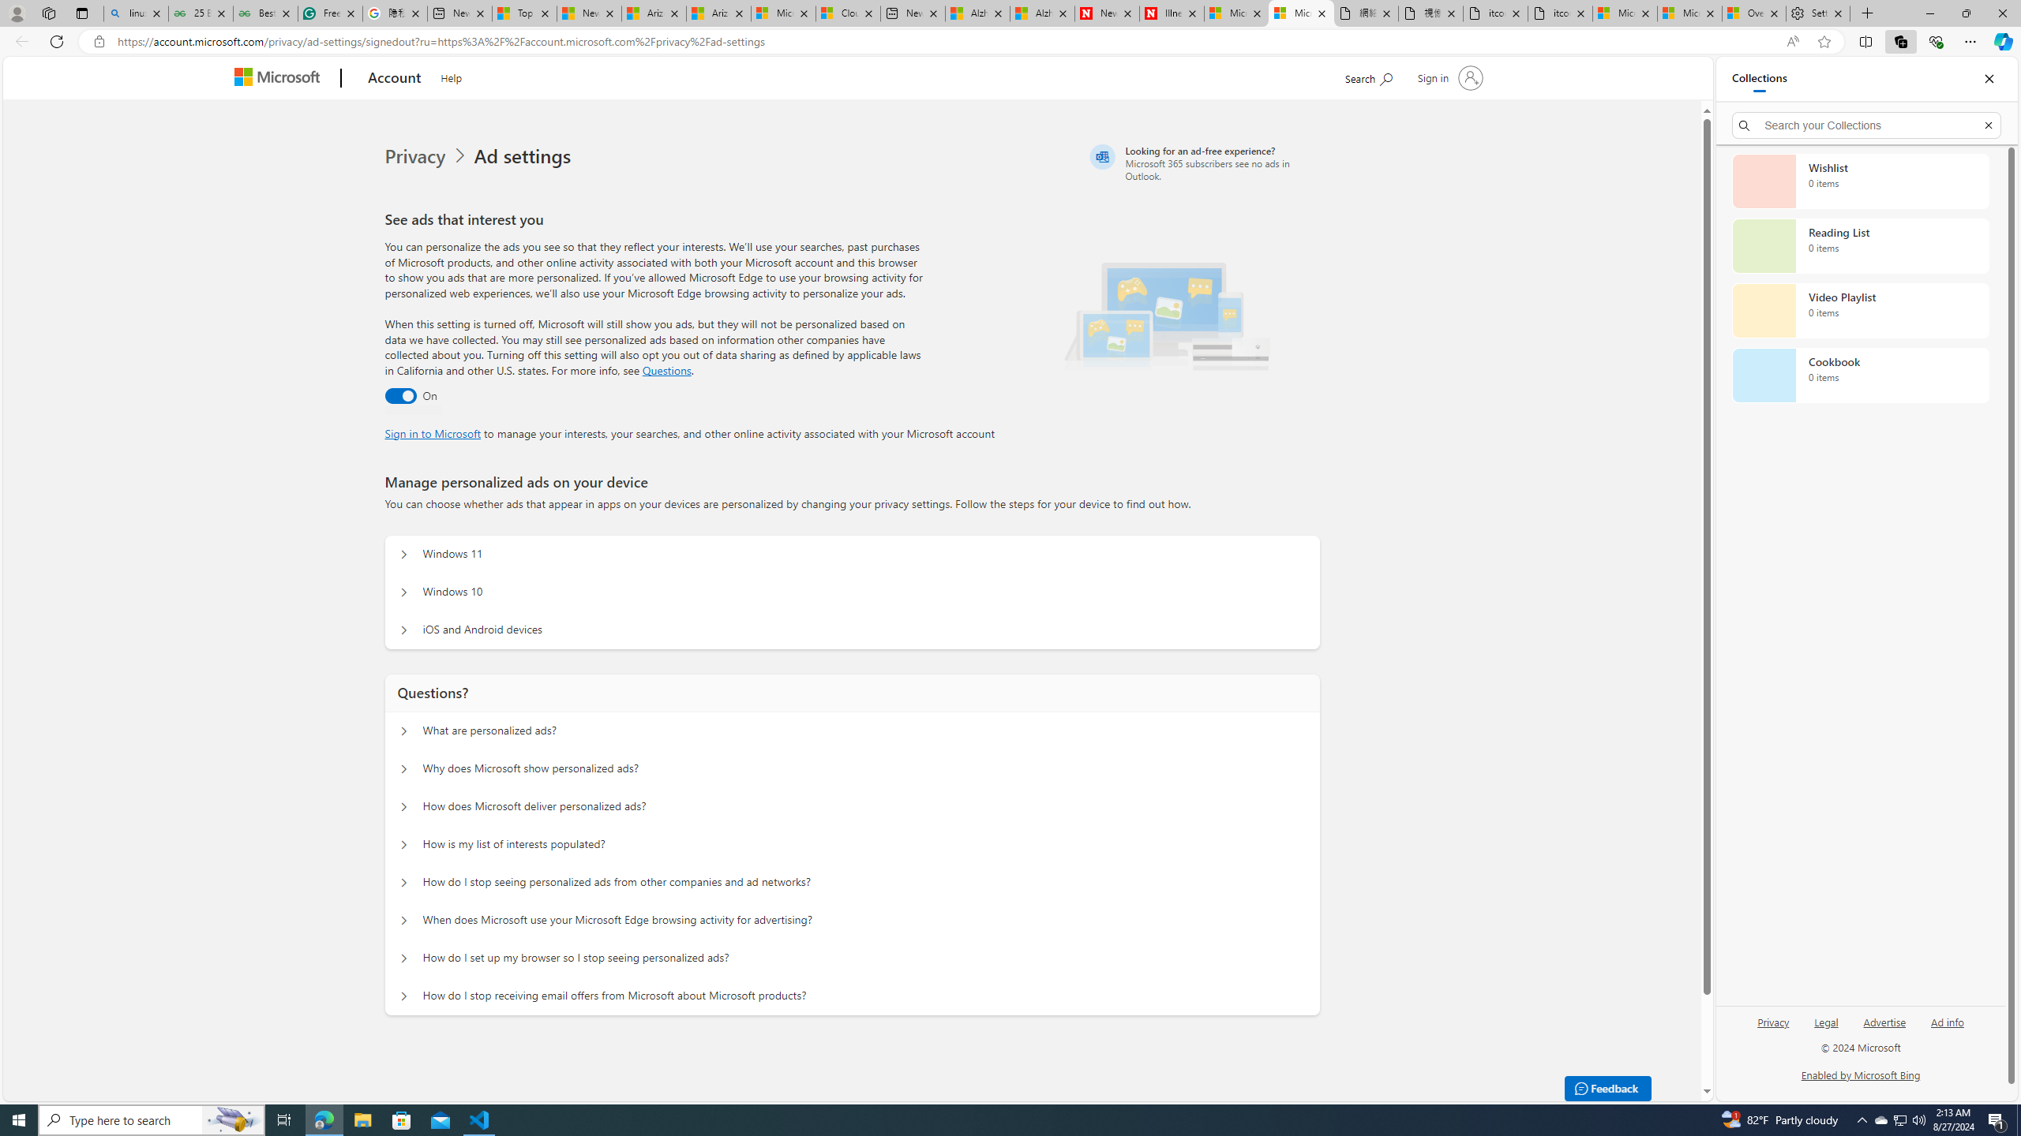 The height and width of the screenshot is (1136, 2021). Describe the element at coordinates (1947, 1027) in the screenshot. I see `'Ad info'` at that location.